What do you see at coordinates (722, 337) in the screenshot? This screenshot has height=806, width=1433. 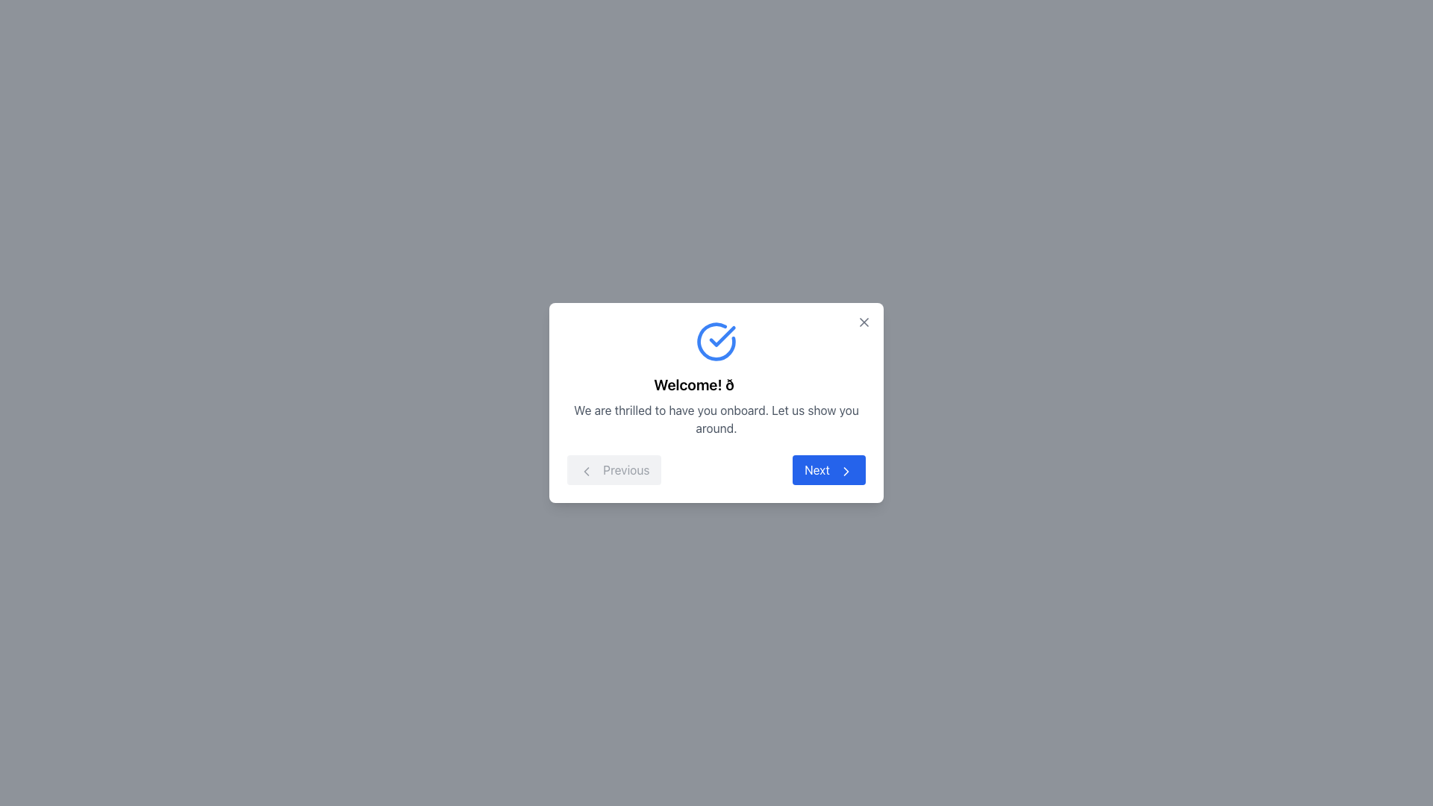 I see `the blue checkmark icon situated within a round badge with a blue border at the top center of the gray modal window` at bounding box center [722, 337].